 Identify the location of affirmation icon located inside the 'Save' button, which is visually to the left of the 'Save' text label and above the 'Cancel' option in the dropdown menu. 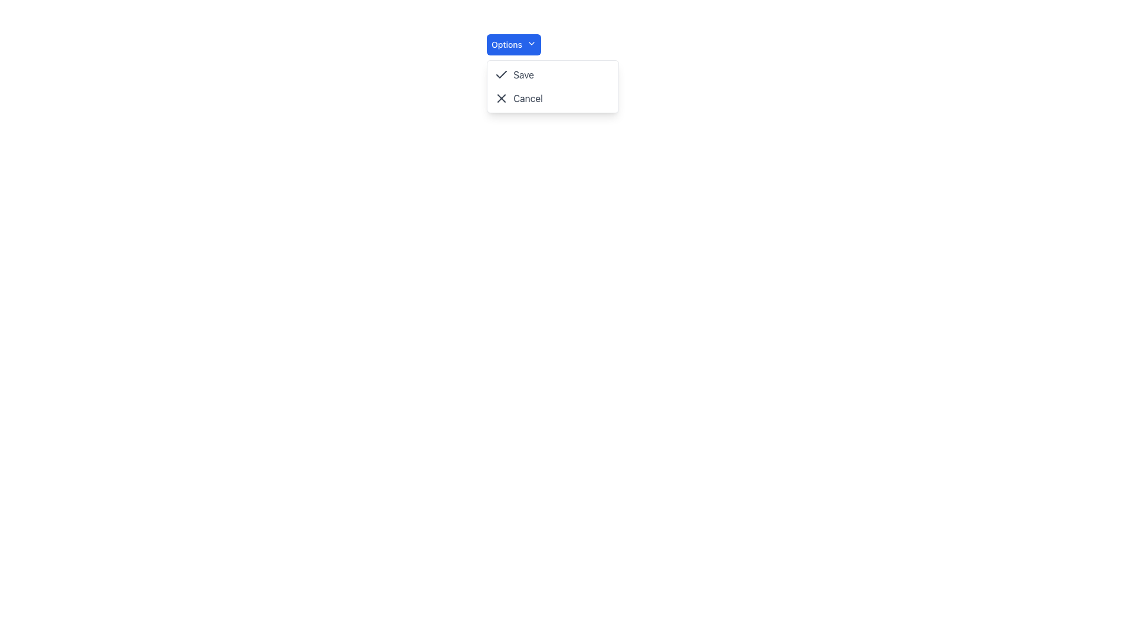
(502, 75).